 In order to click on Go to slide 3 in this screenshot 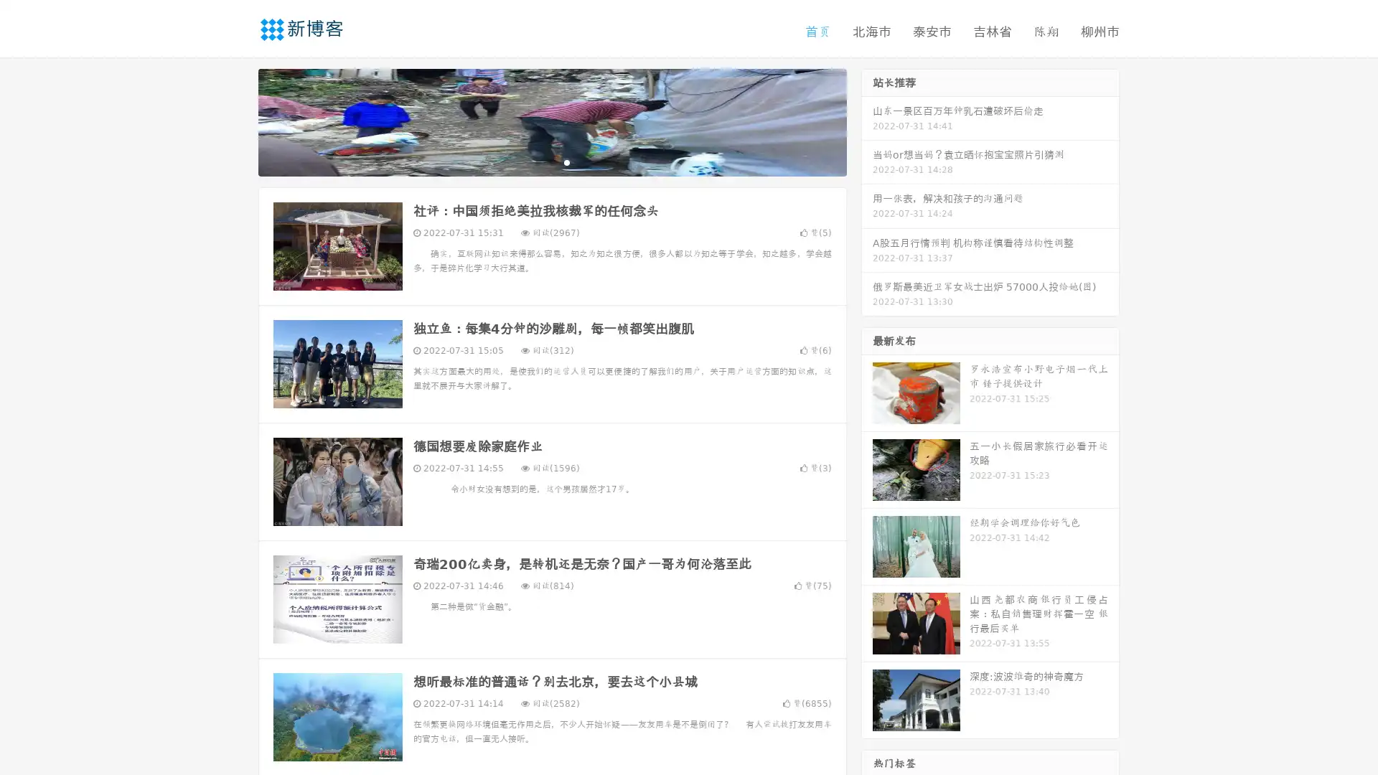, I will do `click(566, 161)`.